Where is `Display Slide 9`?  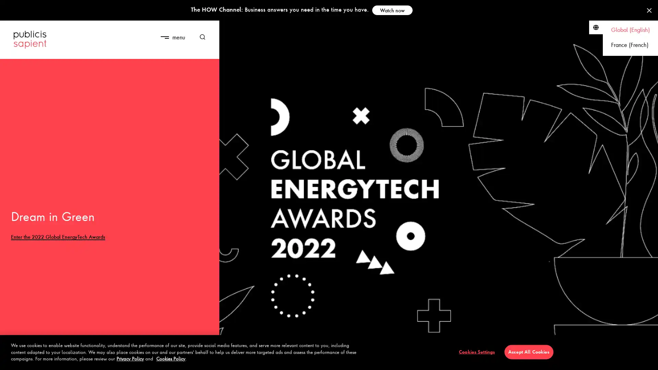 Display Slide 9 is located at coordinates (99, 360).